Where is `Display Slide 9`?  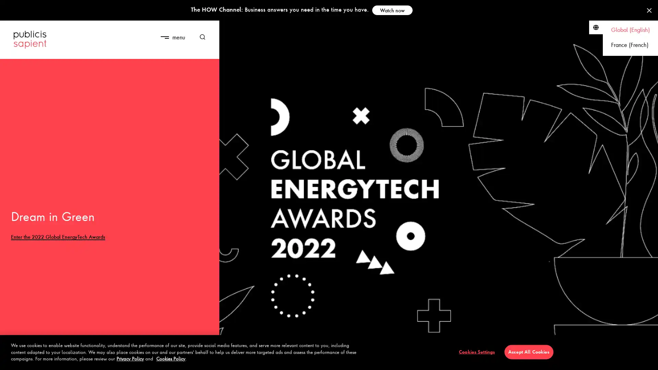 Display Slide 9 is located at coordinates (99, 360).